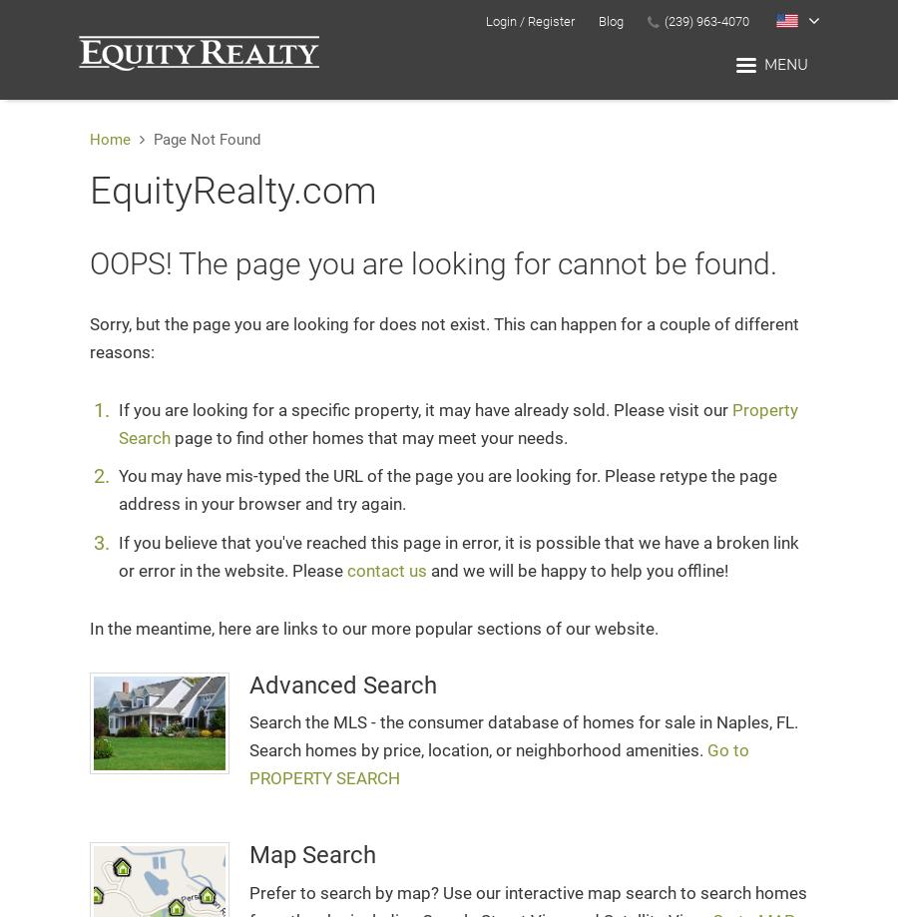 This screenshot has height=917, width=898. Describe the element at coordinates (786, 64) in the screenshot. I see `'MENU'` at that location.